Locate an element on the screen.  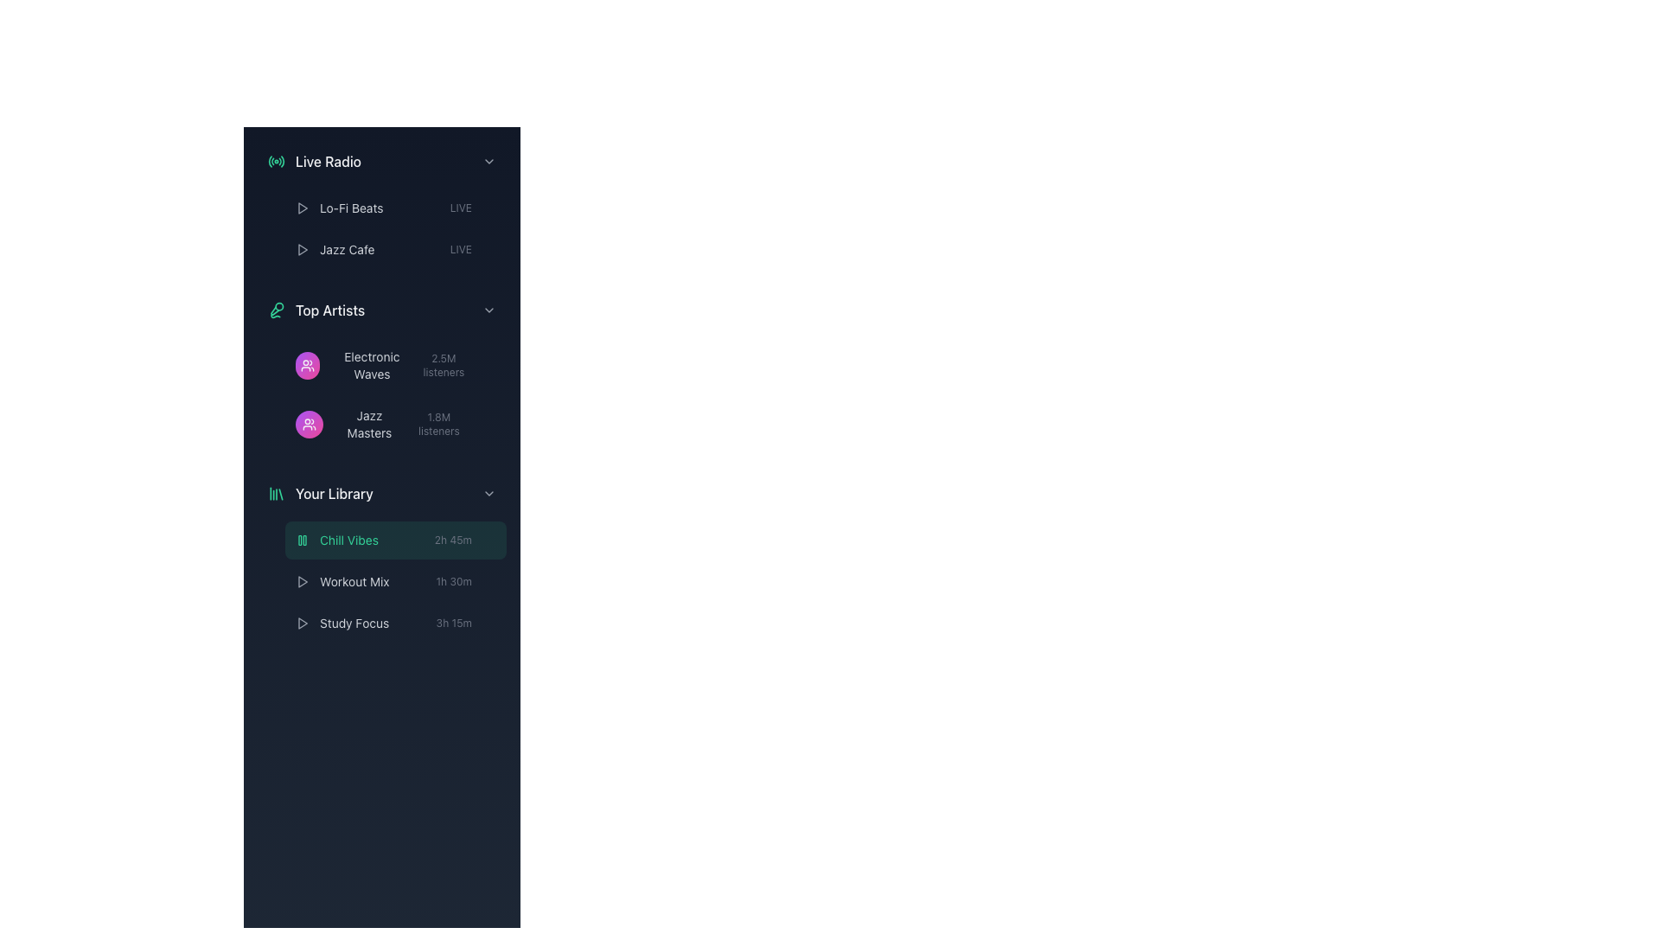
the 'LIVE' status Text Label located in the 'Live Radio' section, which is positioned to the right of the 'Jazz Cafe' item is located at coordinates (461, 207).